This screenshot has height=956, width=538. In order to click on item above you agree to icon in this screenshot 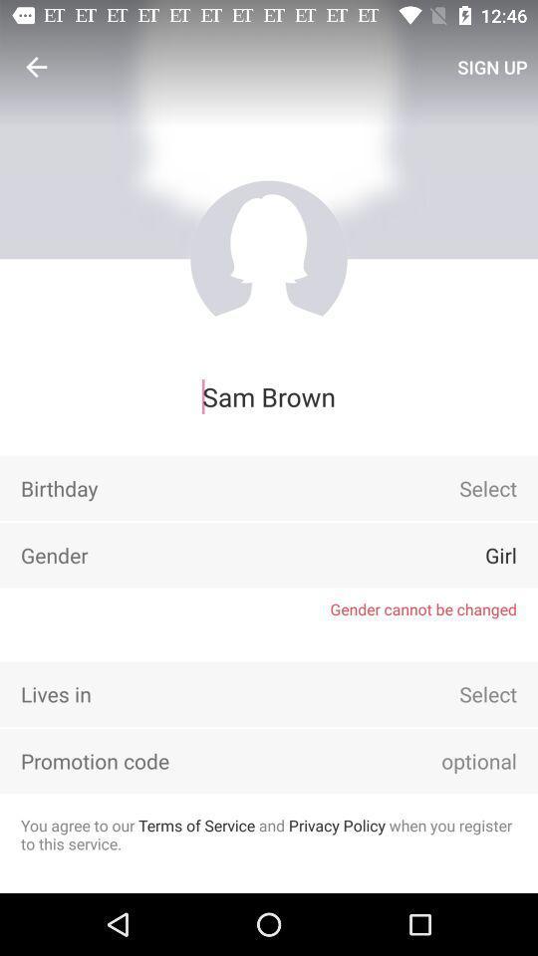, I will do `click(451, 760)`.